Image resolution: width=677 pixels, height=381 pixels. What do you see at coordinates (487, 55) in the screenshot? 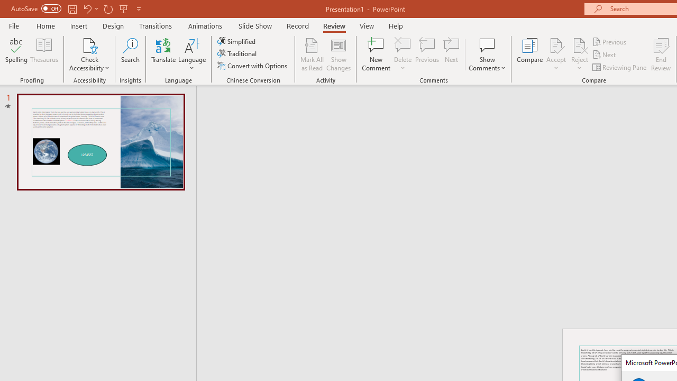
I see `'Show Comments'` at bounding box center [487, 55].